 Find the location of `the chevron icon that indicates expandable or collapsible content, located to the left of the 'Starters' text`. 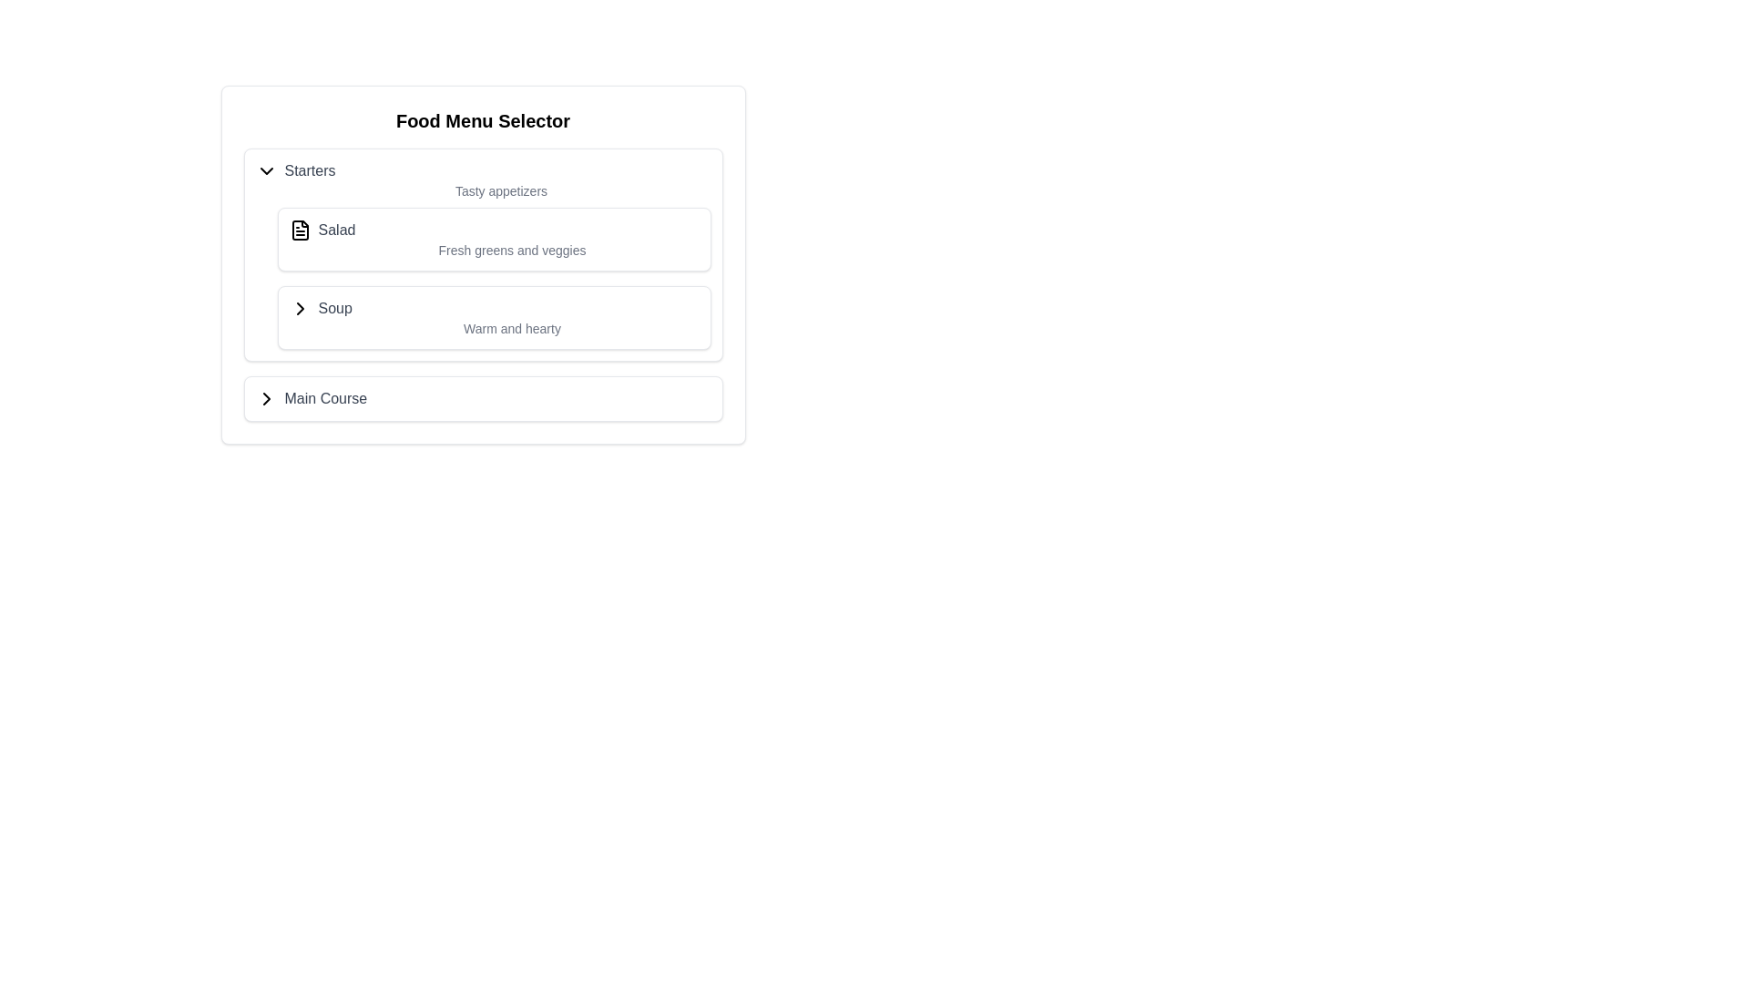

the chevron icon that indicates expandable or collapsible content, located to the left of the 'Starters' text is located at coordinates (265, 171).